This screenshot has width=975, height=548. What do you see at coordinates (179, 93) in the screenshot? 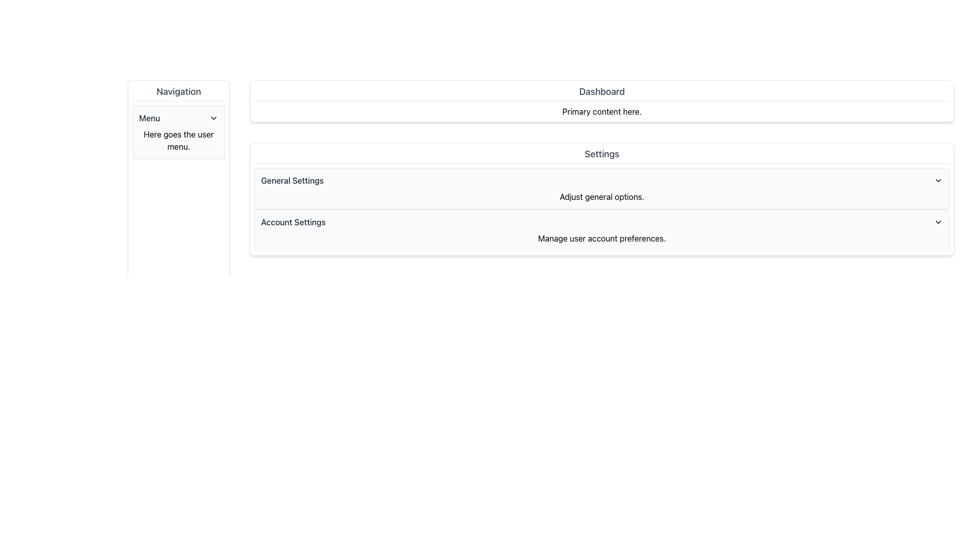
I see `title text element styled in medium-sized, bold, gray font that displays 'Navigation' located at the top of the vertical navigation panel on the left side of the interface` at bounding box center [179, 93].